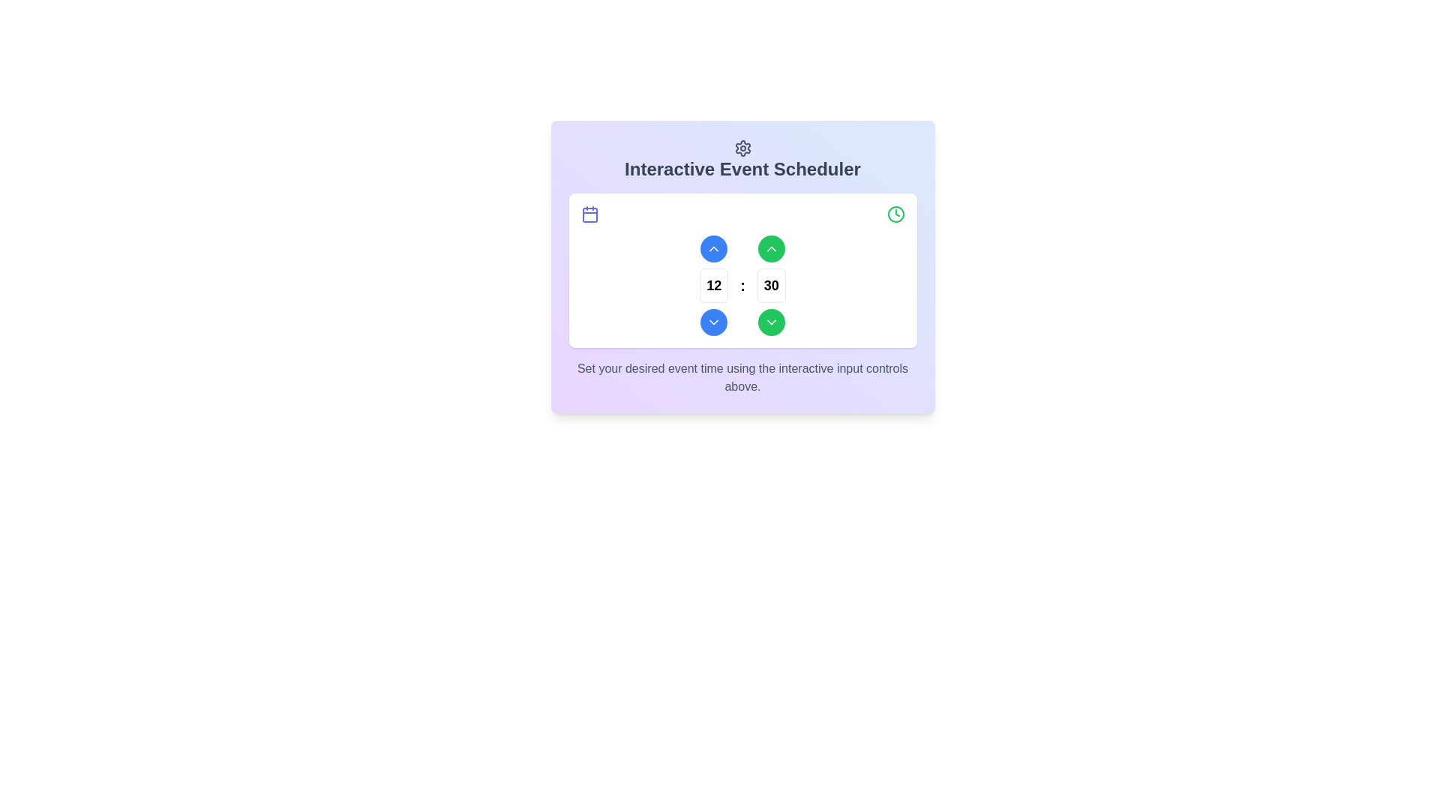 This screenshot has height=810, width=1440. I want to click on the numeric label displaying minutes in the time selector located to the right of the ':' character and adjacent to the number '12', so click(771, 285).